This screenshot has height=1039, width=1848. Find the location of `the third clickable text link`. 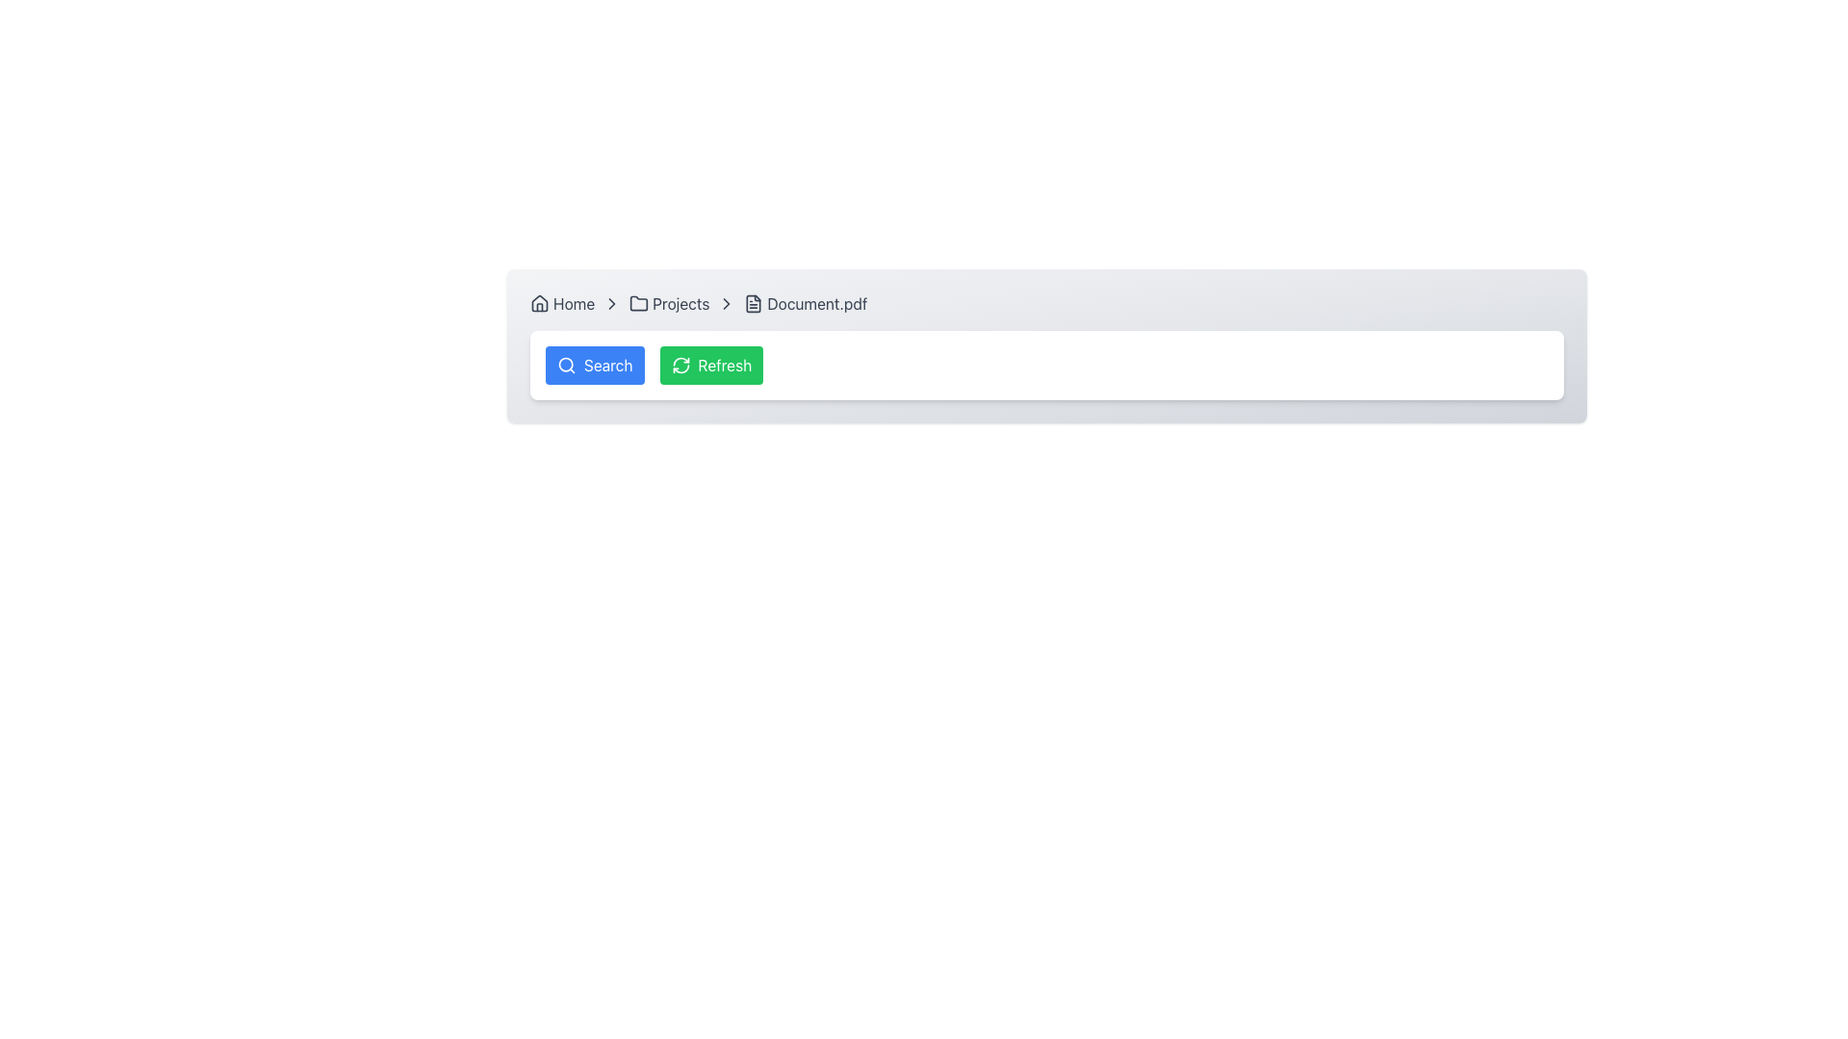

the third clickable text link is located at coordinates (805, 303).